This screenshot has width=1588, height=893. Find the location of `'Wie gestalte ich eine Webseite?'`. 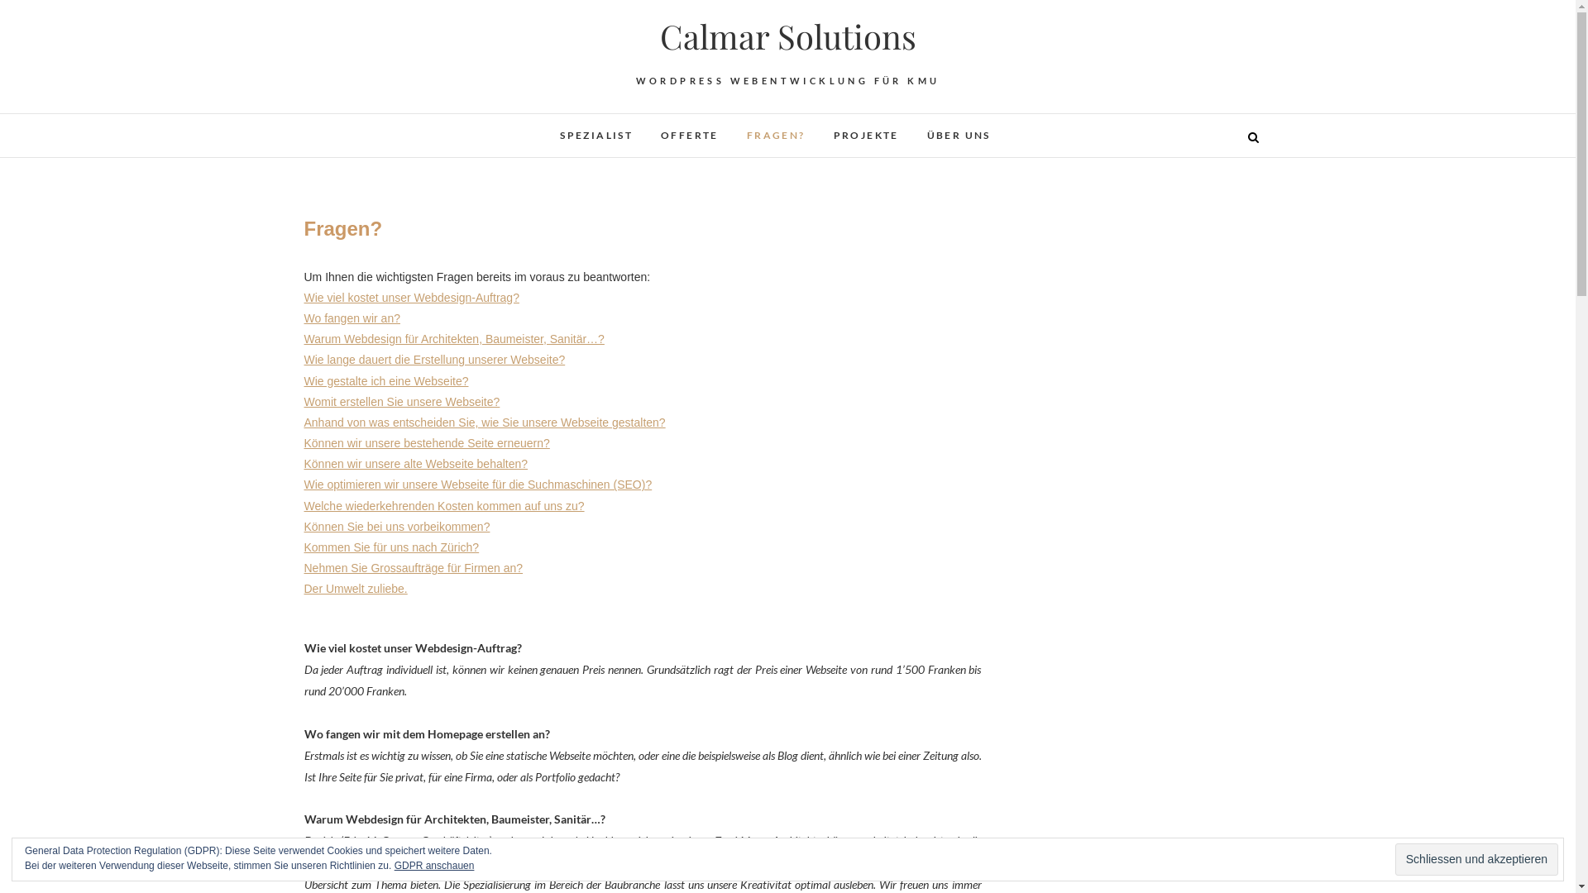

'Wie gestalte ich eine Webseite?' is located at coordinates (385, 381).